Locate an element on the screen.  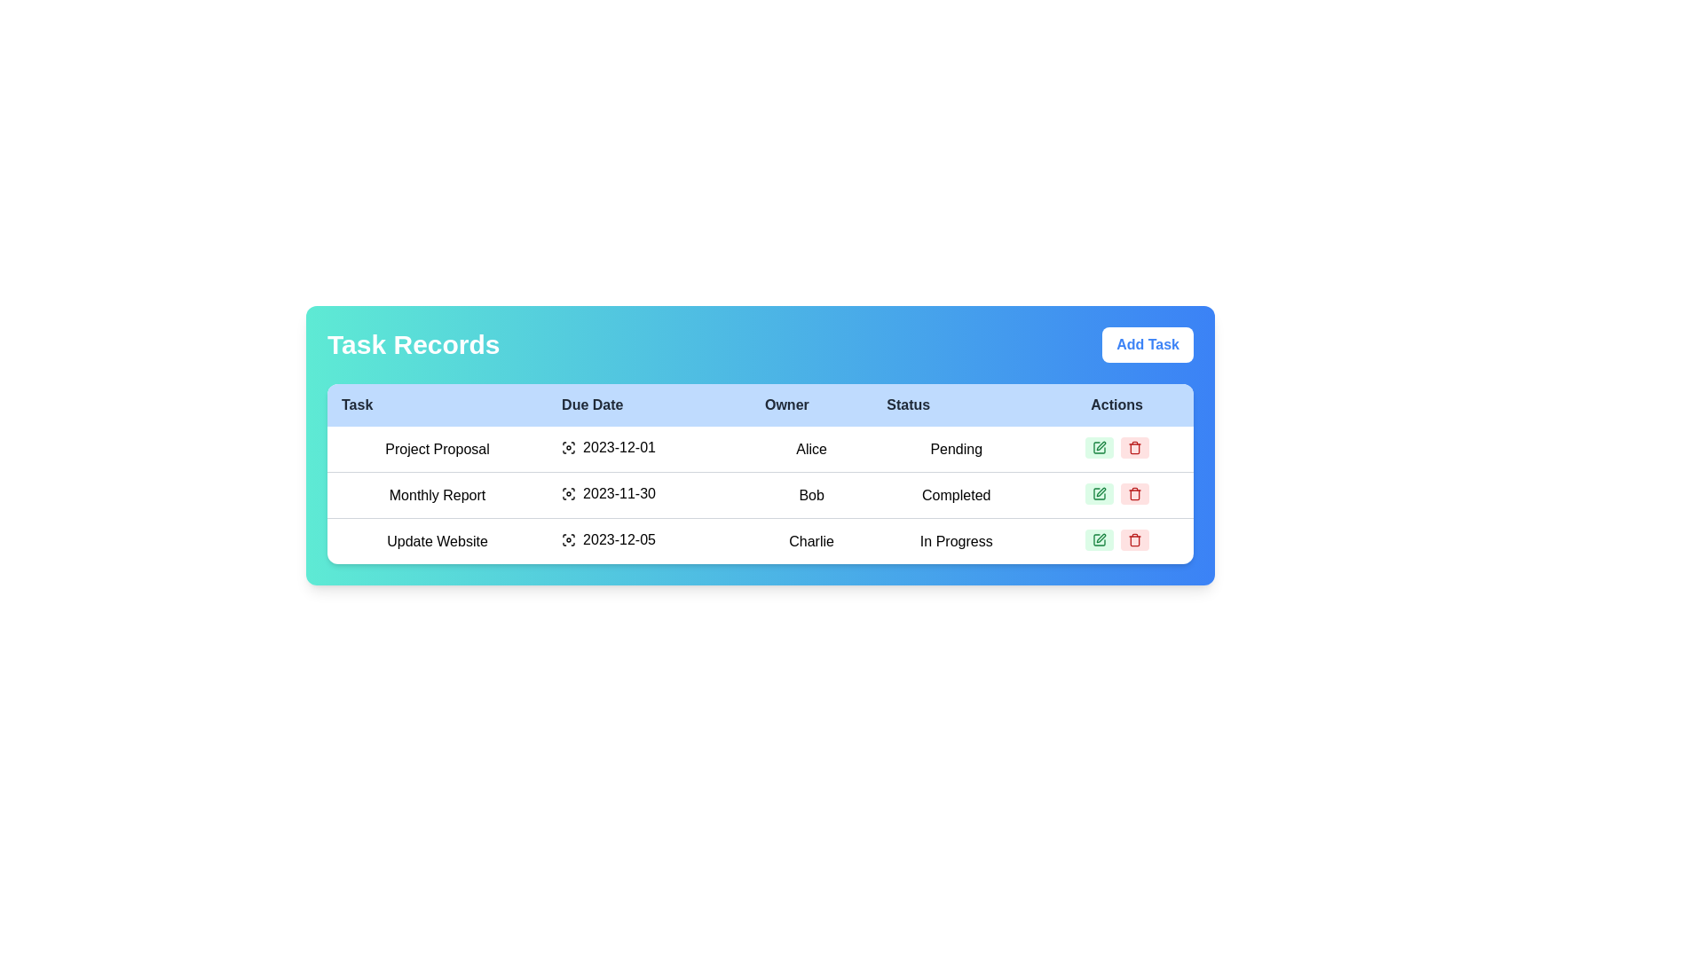
the static text label displaying the due date for the 'Project Proposal' task in the 'Task Records' section is located at coordinates (648, 447).